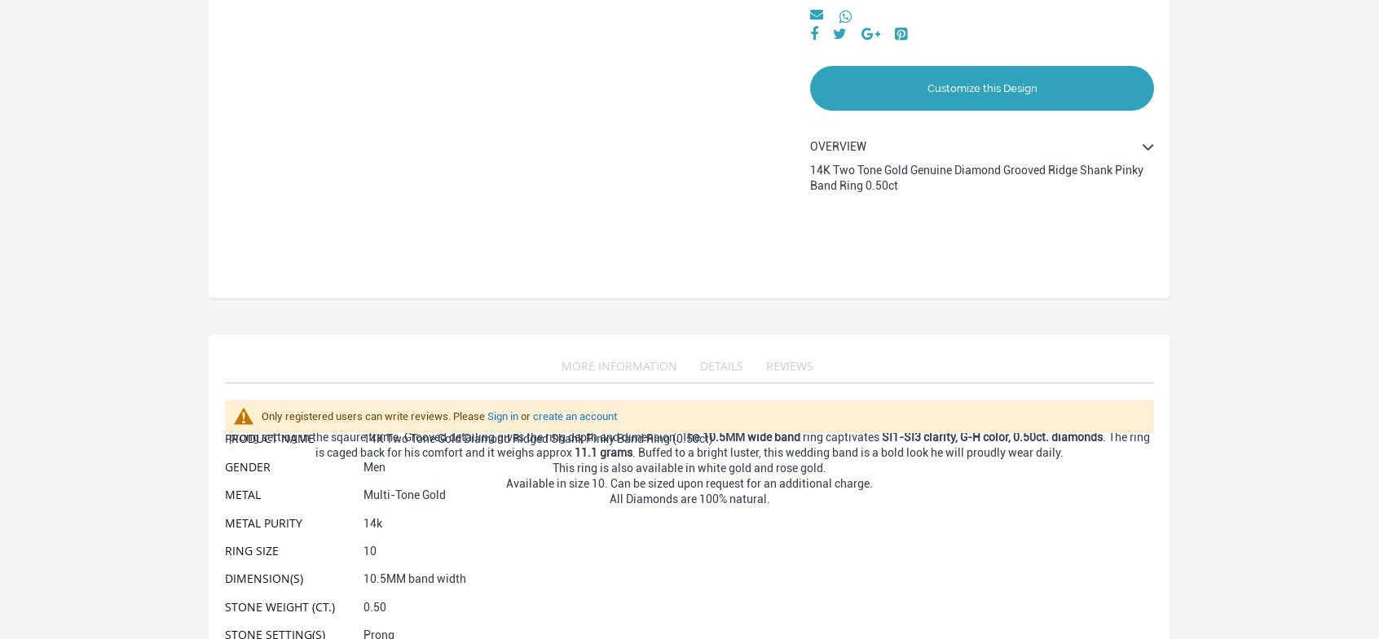 Image resolution: width=1379 pixels, height=639 pixels. I want to click on 'Overview', so click(837, 146).